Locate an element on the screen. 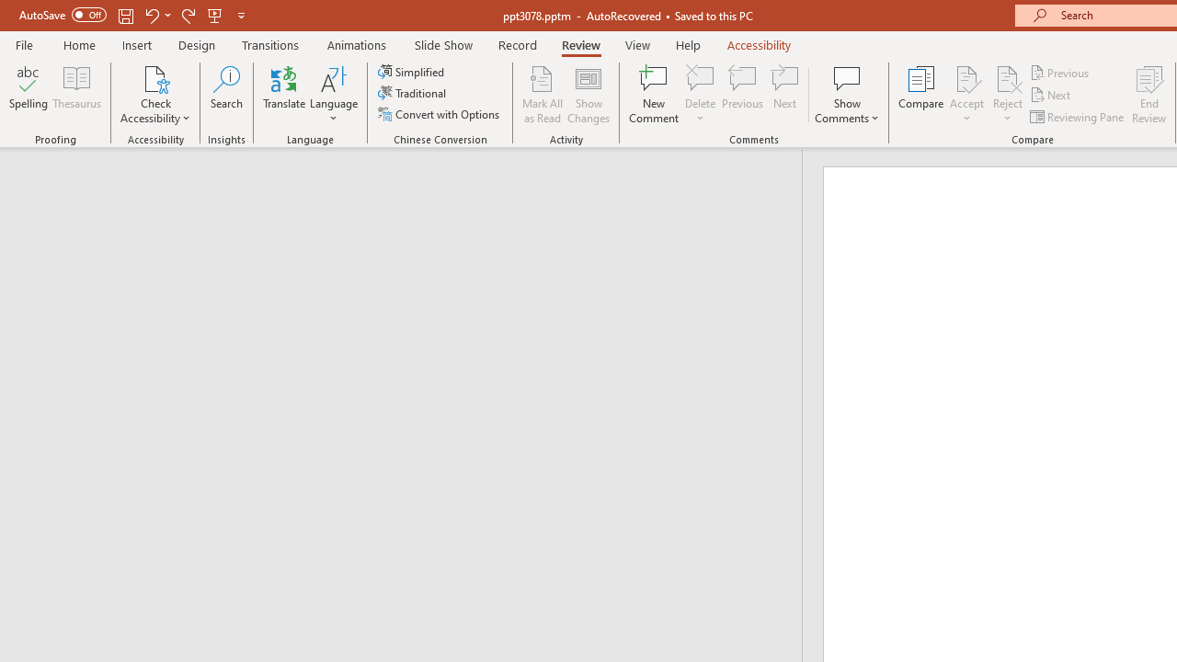 The width and height of the screenshot is (1177, 662). 'Previous' is located at coordinates (1060, 72).